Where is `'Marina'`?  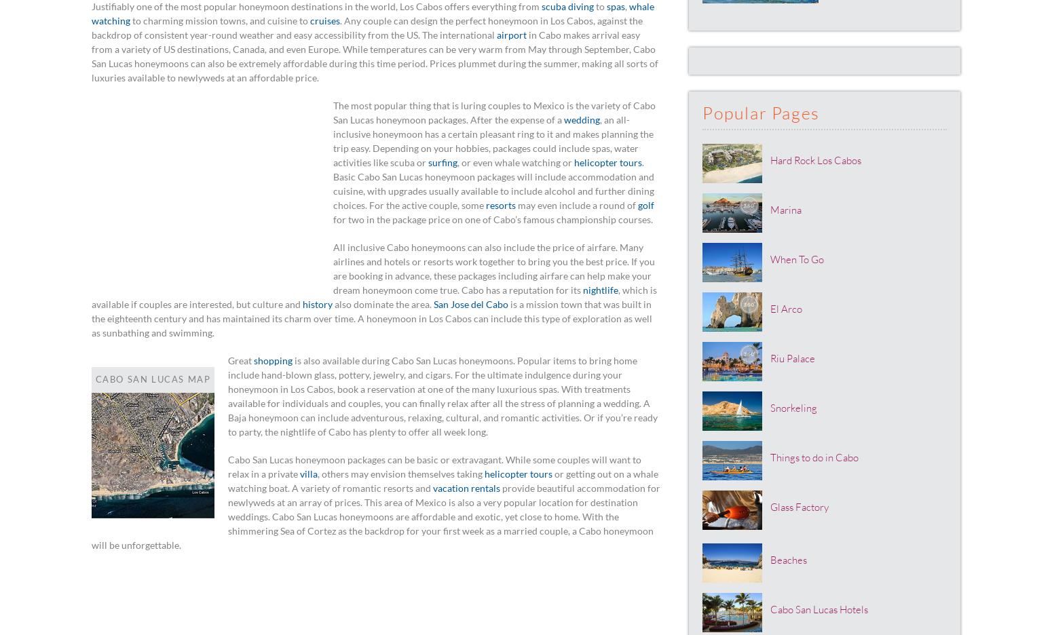
'Marina' is located at coordinates (785, 209).